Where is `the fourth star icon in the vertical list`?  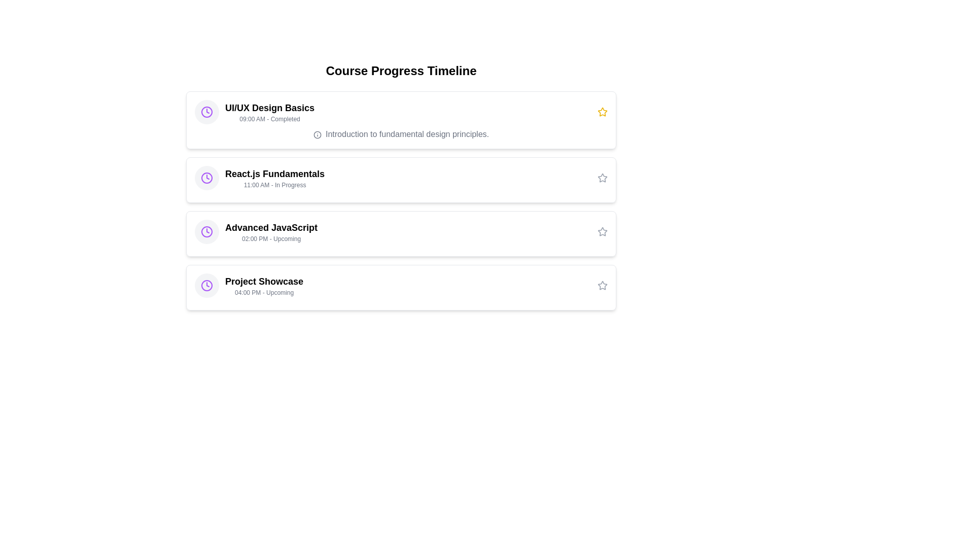 the fourth star icon in the vertical list is located at coordinates (602, 285).